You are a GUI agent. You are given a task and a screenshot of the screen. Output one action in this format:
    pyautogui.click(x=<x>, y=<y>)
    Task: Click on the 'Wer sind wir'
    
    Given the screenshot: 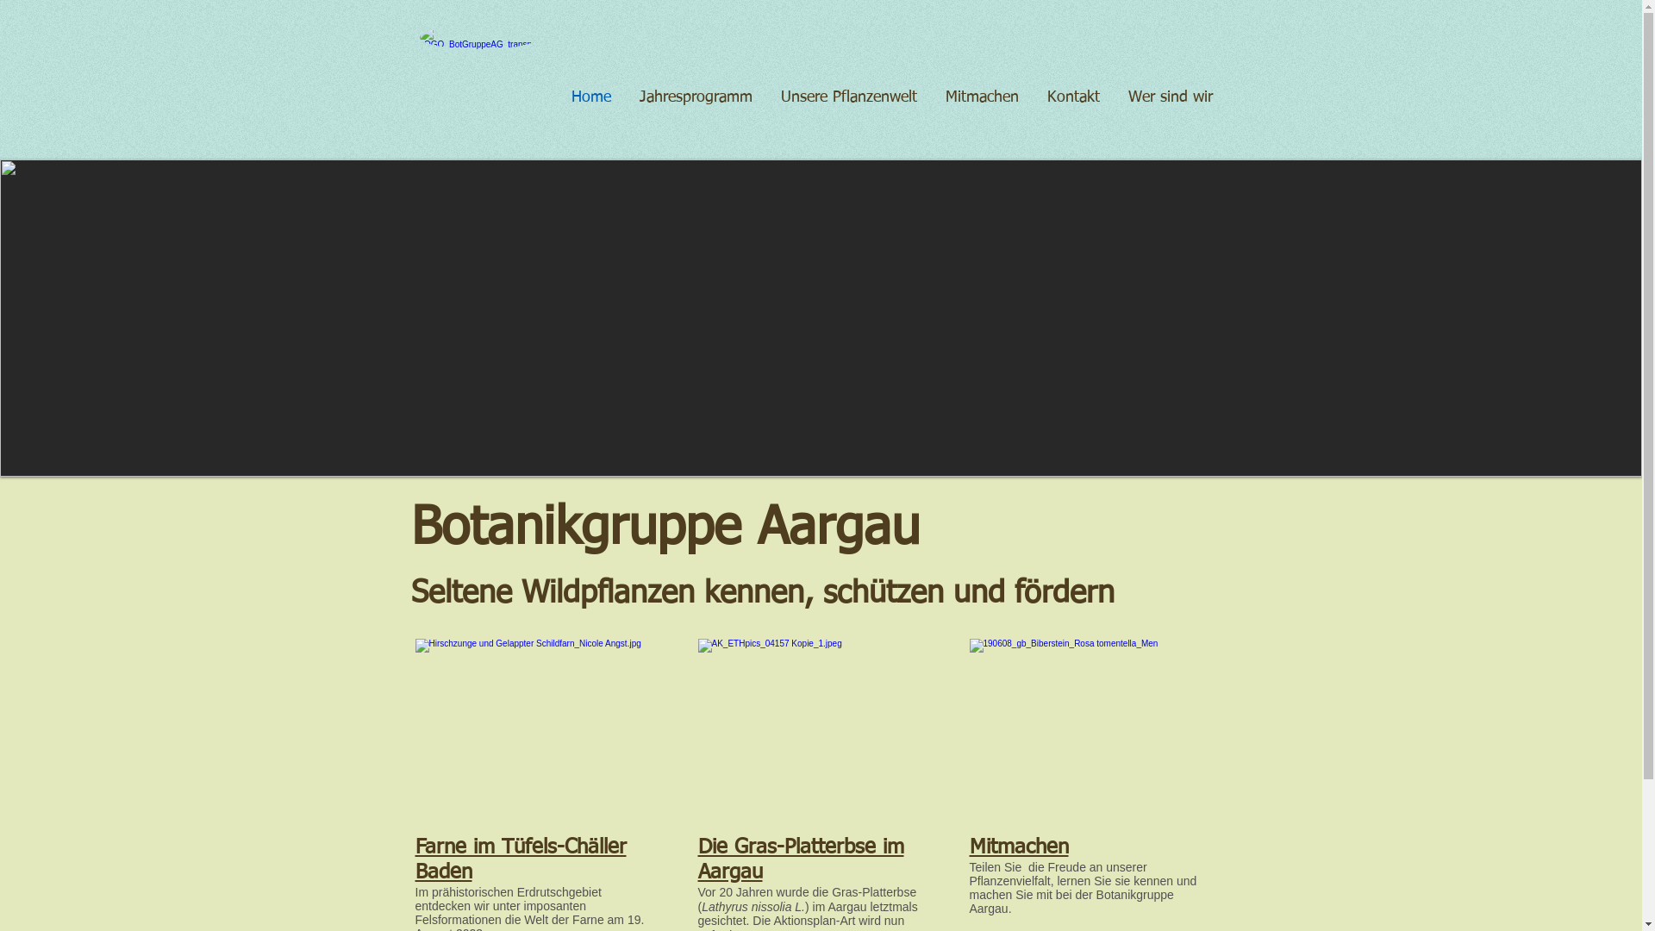 What is the action you would take?
    pyautogui.click(x=1168, y=97)
    